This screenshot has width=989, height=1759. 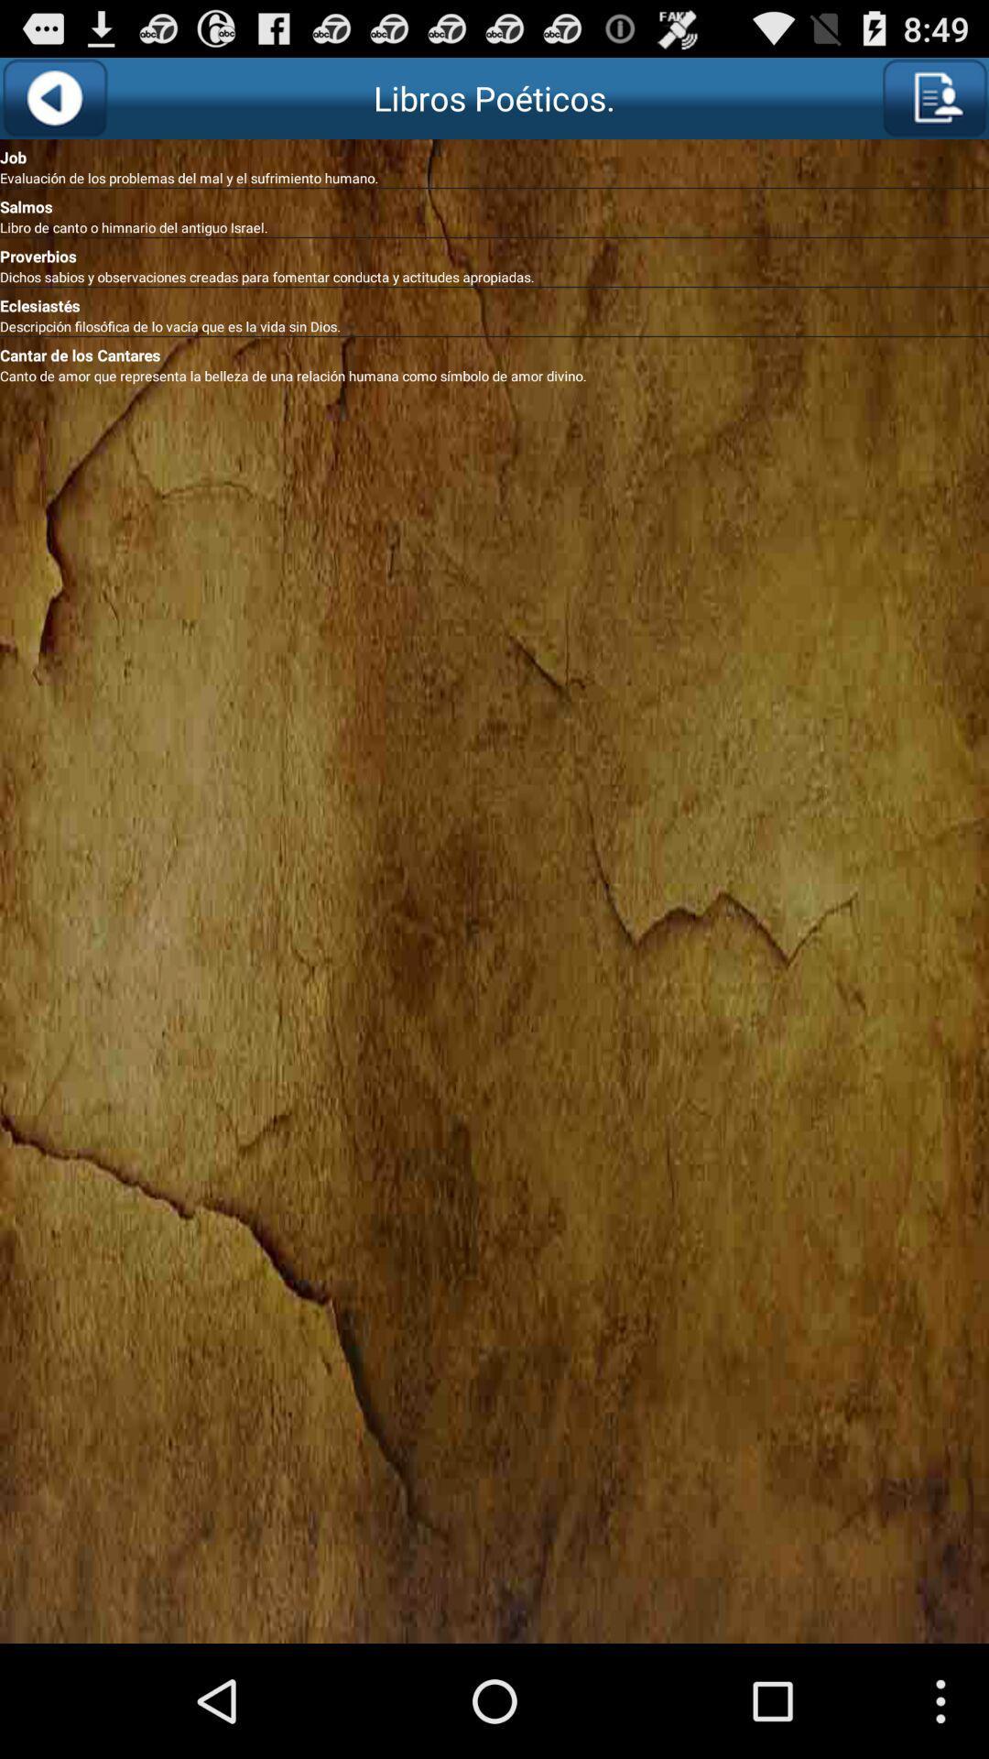 I want to click on dichos sabios y item, so click(x=494, y=276).